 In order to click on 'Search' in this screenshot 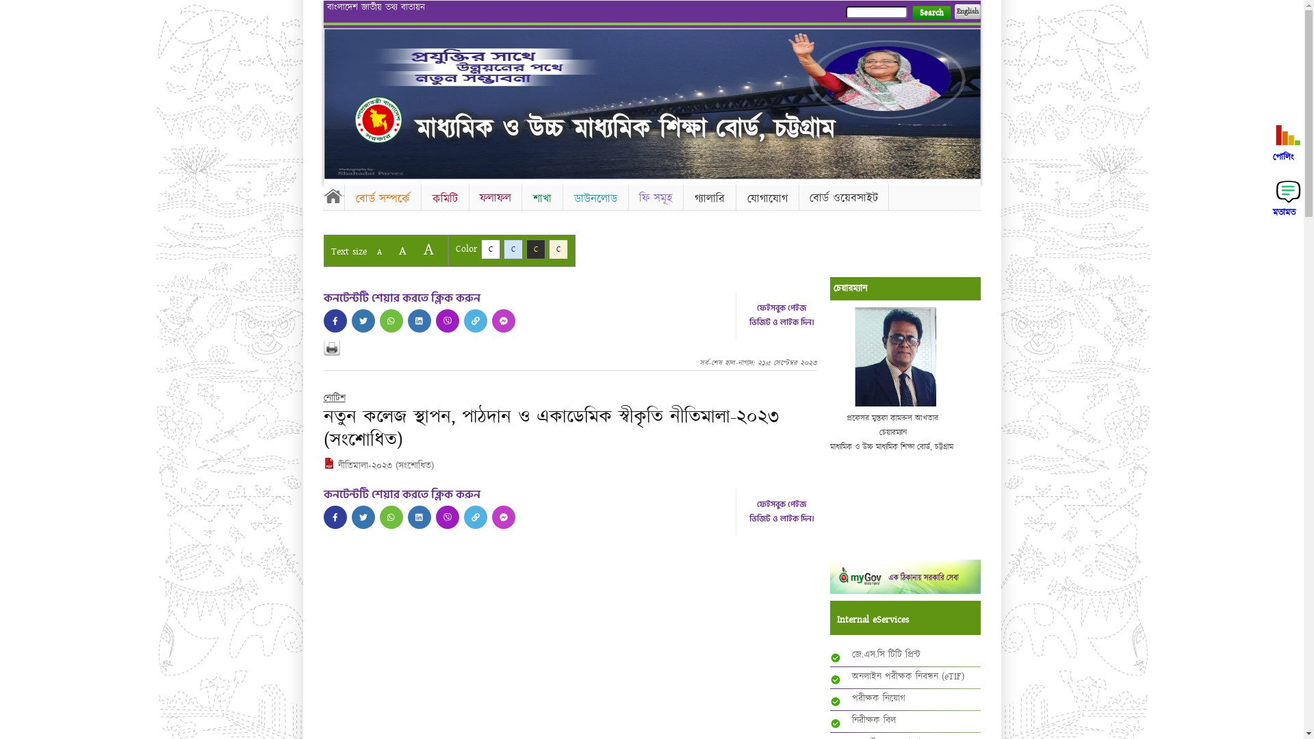, I will do `click(931, 12)`.